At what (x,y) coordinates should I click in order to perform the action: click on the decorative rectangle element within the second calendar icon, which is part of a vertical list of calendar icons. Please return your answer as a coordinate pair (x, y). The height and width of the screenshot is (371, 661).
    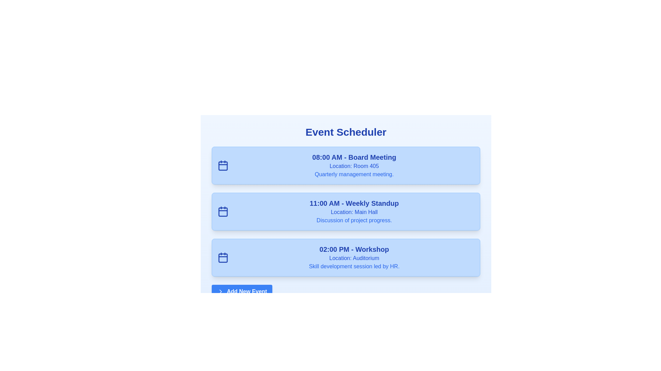
    Looking at the image, I should click on (223, 212).